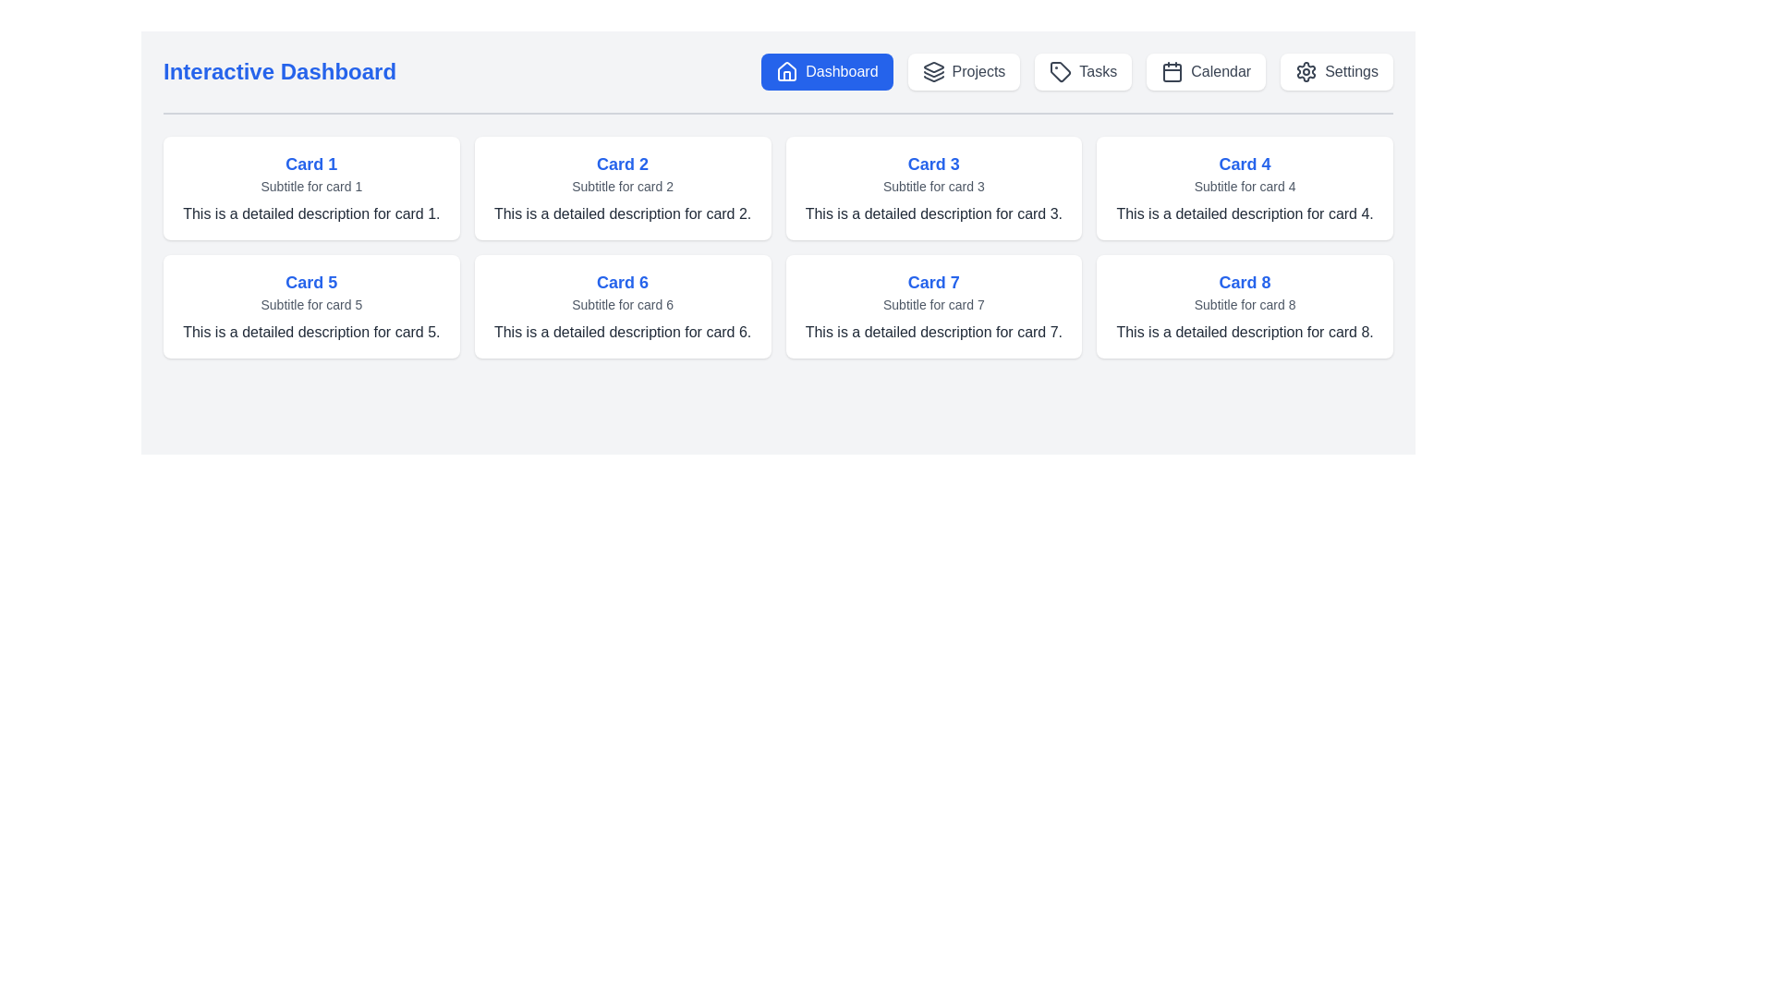 This screenshot has width=1774, height=998. Describe the element at coordinates (933, 331) in the screenshot. I see `the text label displaying 'This is a detailed description for card 7.' located in the bottom section of 'Card 7'` at that location.